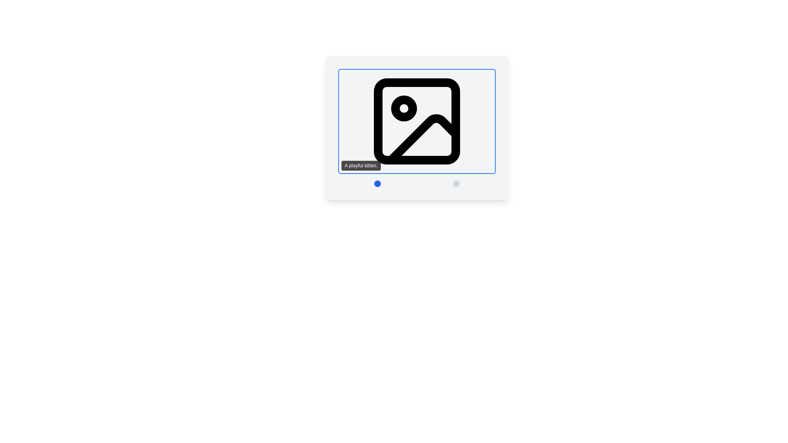 The width and height of the screenshot is (788, 443). Describe the element at coordinates (361, 166) in the screenshot. I see `text from the small rectangular text box with rounded corners that has a black background and white text reading 'A playful kitten.'` at that location.